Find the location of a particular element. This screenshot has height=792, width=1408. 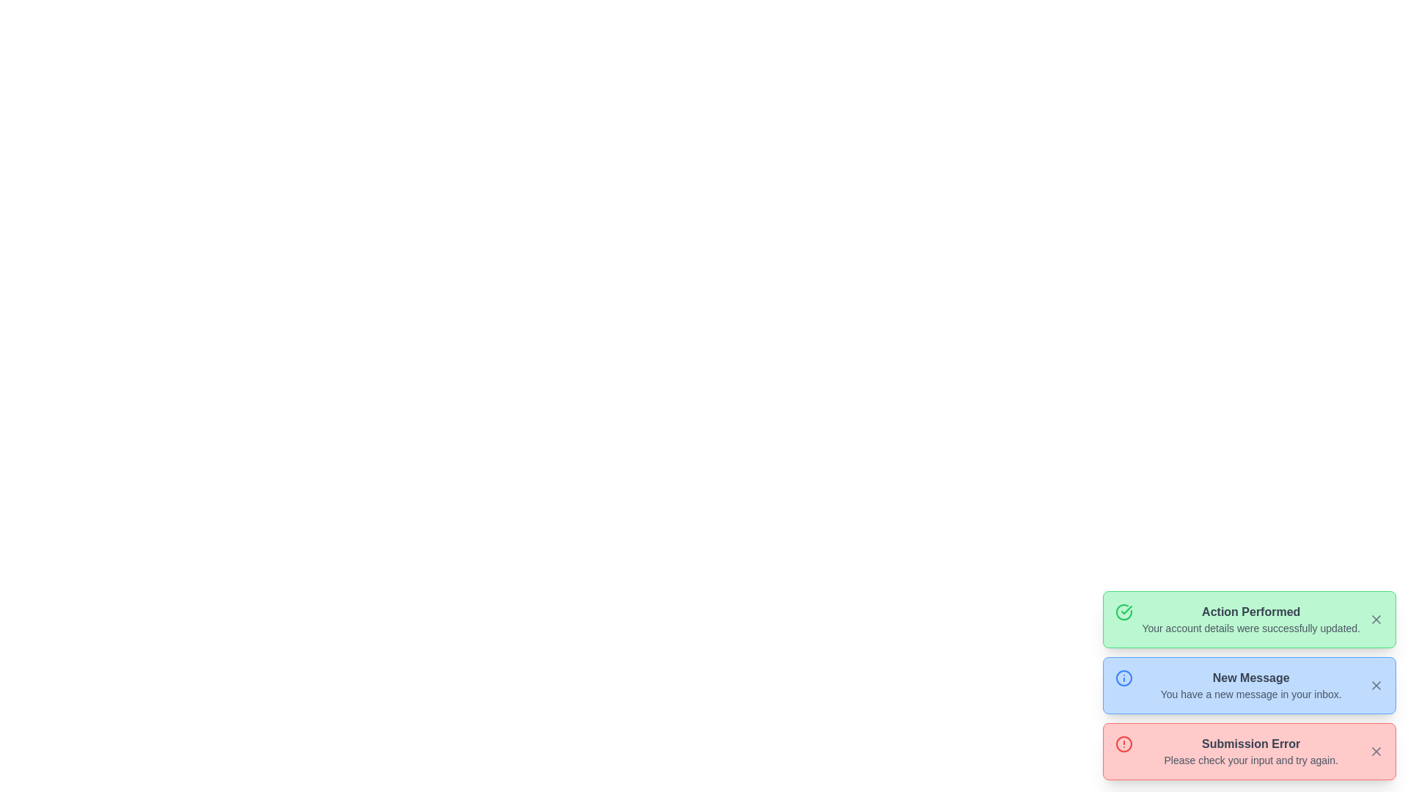

the SVG circle representing the alert status within the 'Submission Error' message section of the interface is located at coordinates (1123, 744).